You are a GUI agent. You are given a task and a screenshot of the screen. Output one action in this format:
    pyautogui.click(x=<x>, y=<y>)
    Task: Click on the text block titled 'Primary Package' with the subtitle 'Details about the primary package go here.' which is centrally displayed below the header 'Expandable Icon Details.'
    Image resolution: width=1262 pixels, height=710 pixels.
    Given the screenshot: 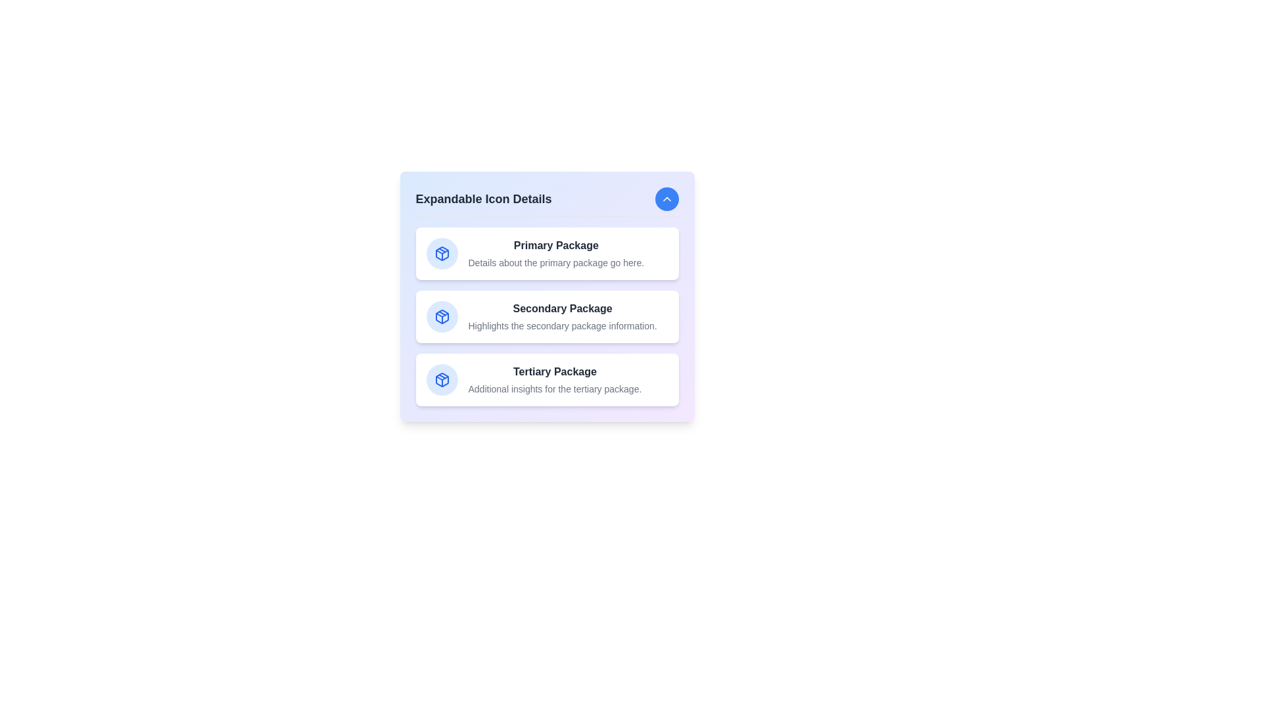 What is the action you would take?
    pyautogui.click(x=556, y=253)
    